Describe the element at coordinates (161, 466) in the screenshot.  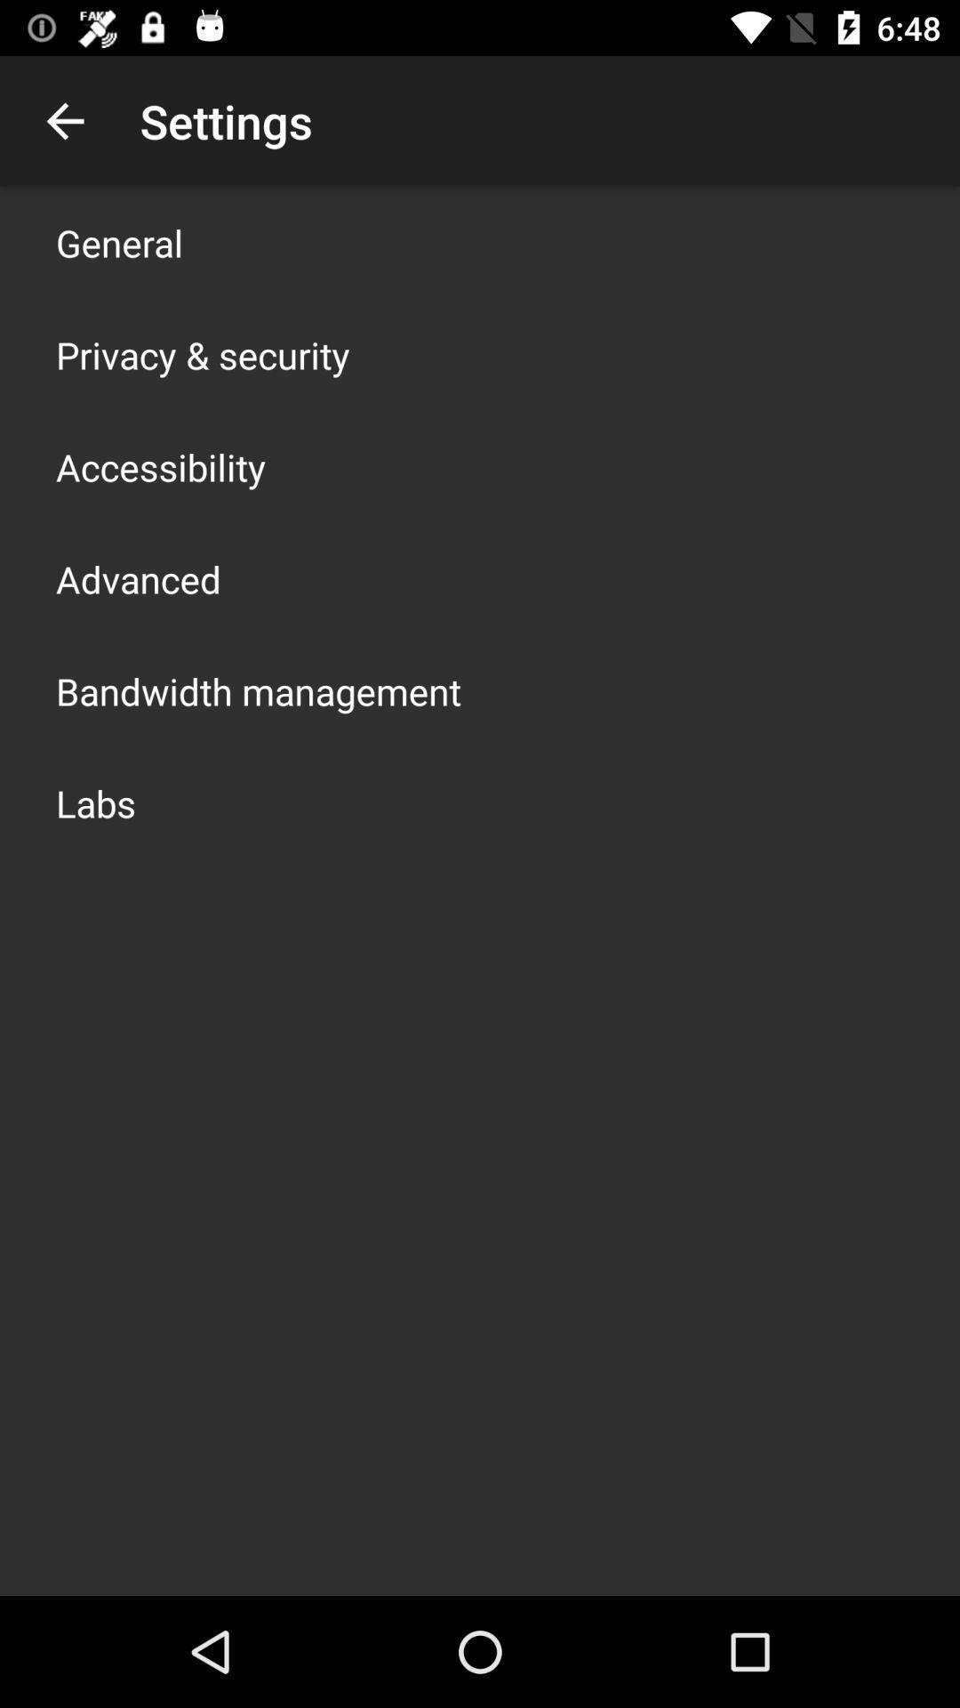
I see `the app below privacy & security app` at that location.